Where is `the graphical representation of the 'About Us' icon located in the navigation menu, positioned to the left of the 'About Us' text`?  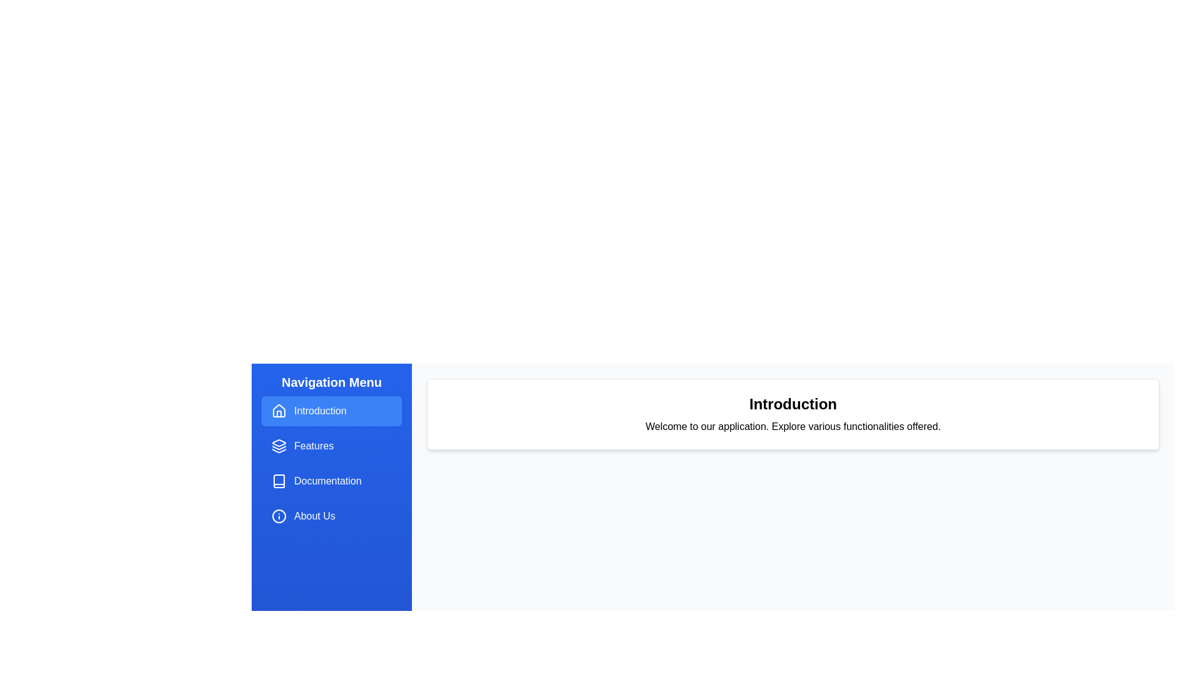
the graphical representation of the 'About Us' icon located in the navigation menu, positioned to the left of the 'About Us' text is located at coordinates (279, 516).